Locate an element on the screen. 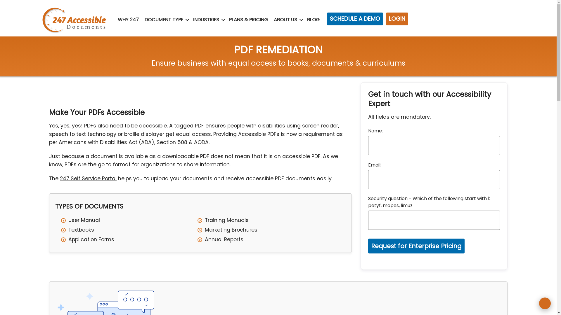  'PLANS & PRICING' is located at coordinates (248, 20).